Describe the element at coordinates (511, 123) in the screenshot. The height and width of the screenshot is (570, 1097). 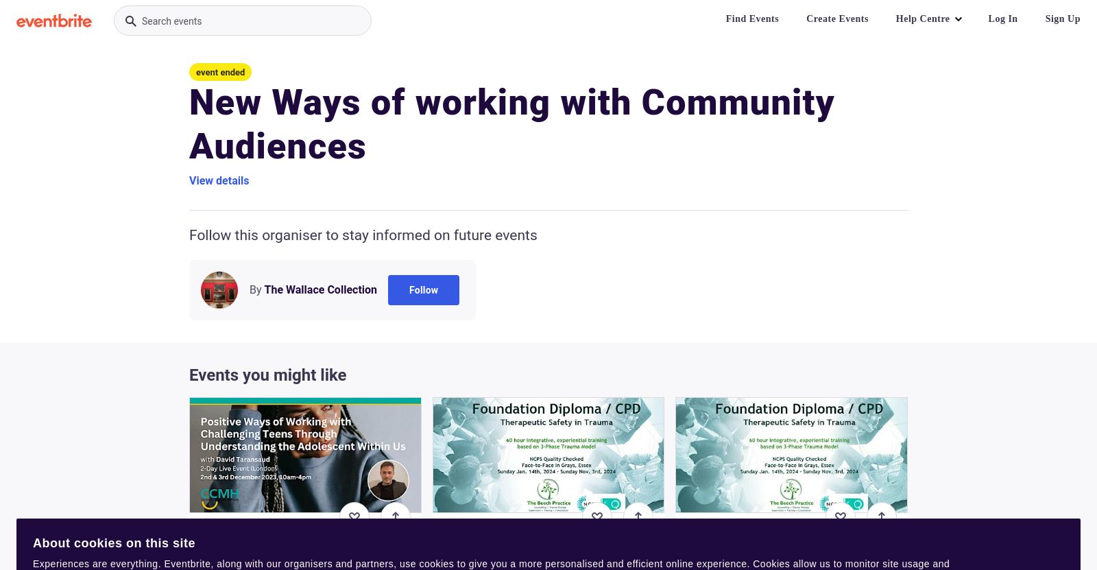
I see `'New Ways of working with Community Audiences'` at that location.